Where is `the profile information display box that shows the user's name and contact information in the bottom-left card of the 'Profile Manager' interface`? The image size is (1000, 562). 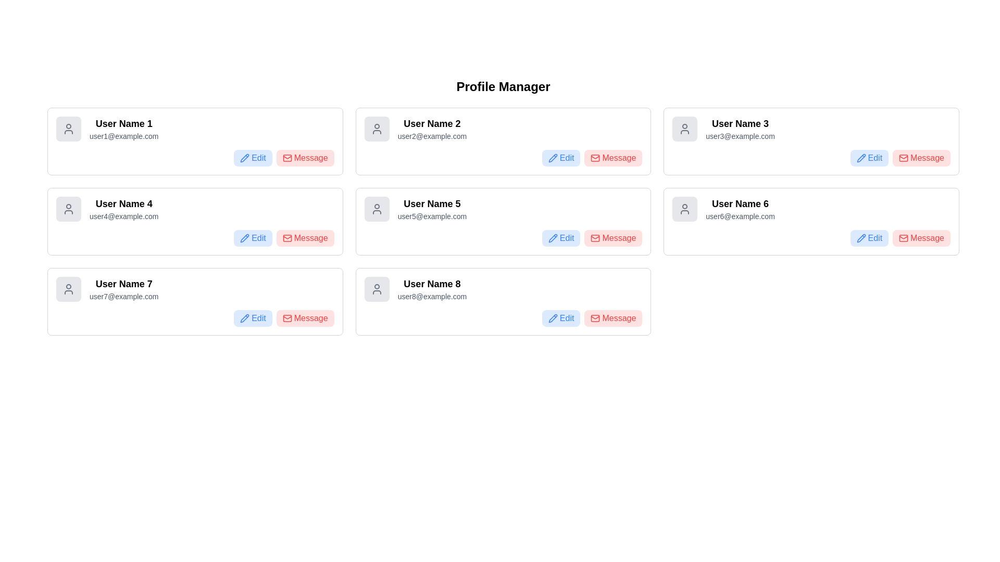
the profile information display box that shows the user's name and contact information in the bottom-left card of the 'Profile Manager' interface is located at coordinates (195, 289).